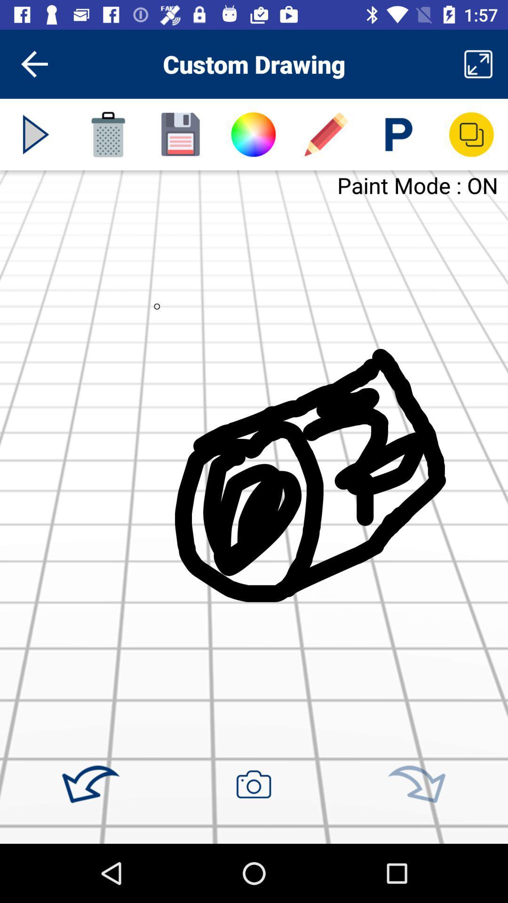 This screenshot has height=903, width=508. I want to click on the save icon, so click(181, 134).